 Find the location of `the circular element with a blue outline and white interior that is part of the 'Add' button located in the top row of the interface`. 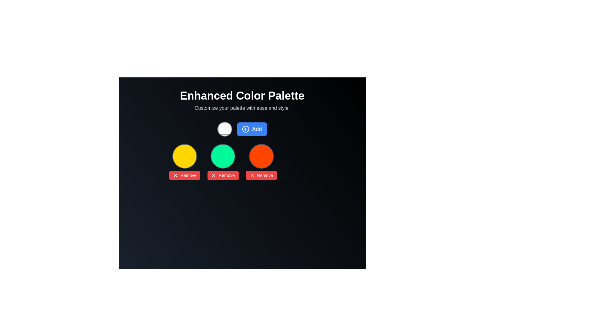

the circular element with a blue outline and white interior that is part of the 'Add' button located in the top row of the interface is located at coordinates (245, 129).